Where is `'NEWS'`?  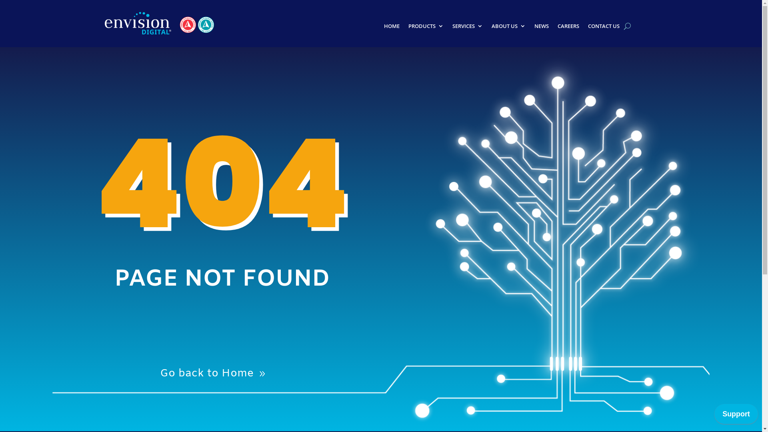
'NEWS' is located at coordinates (541, 27).